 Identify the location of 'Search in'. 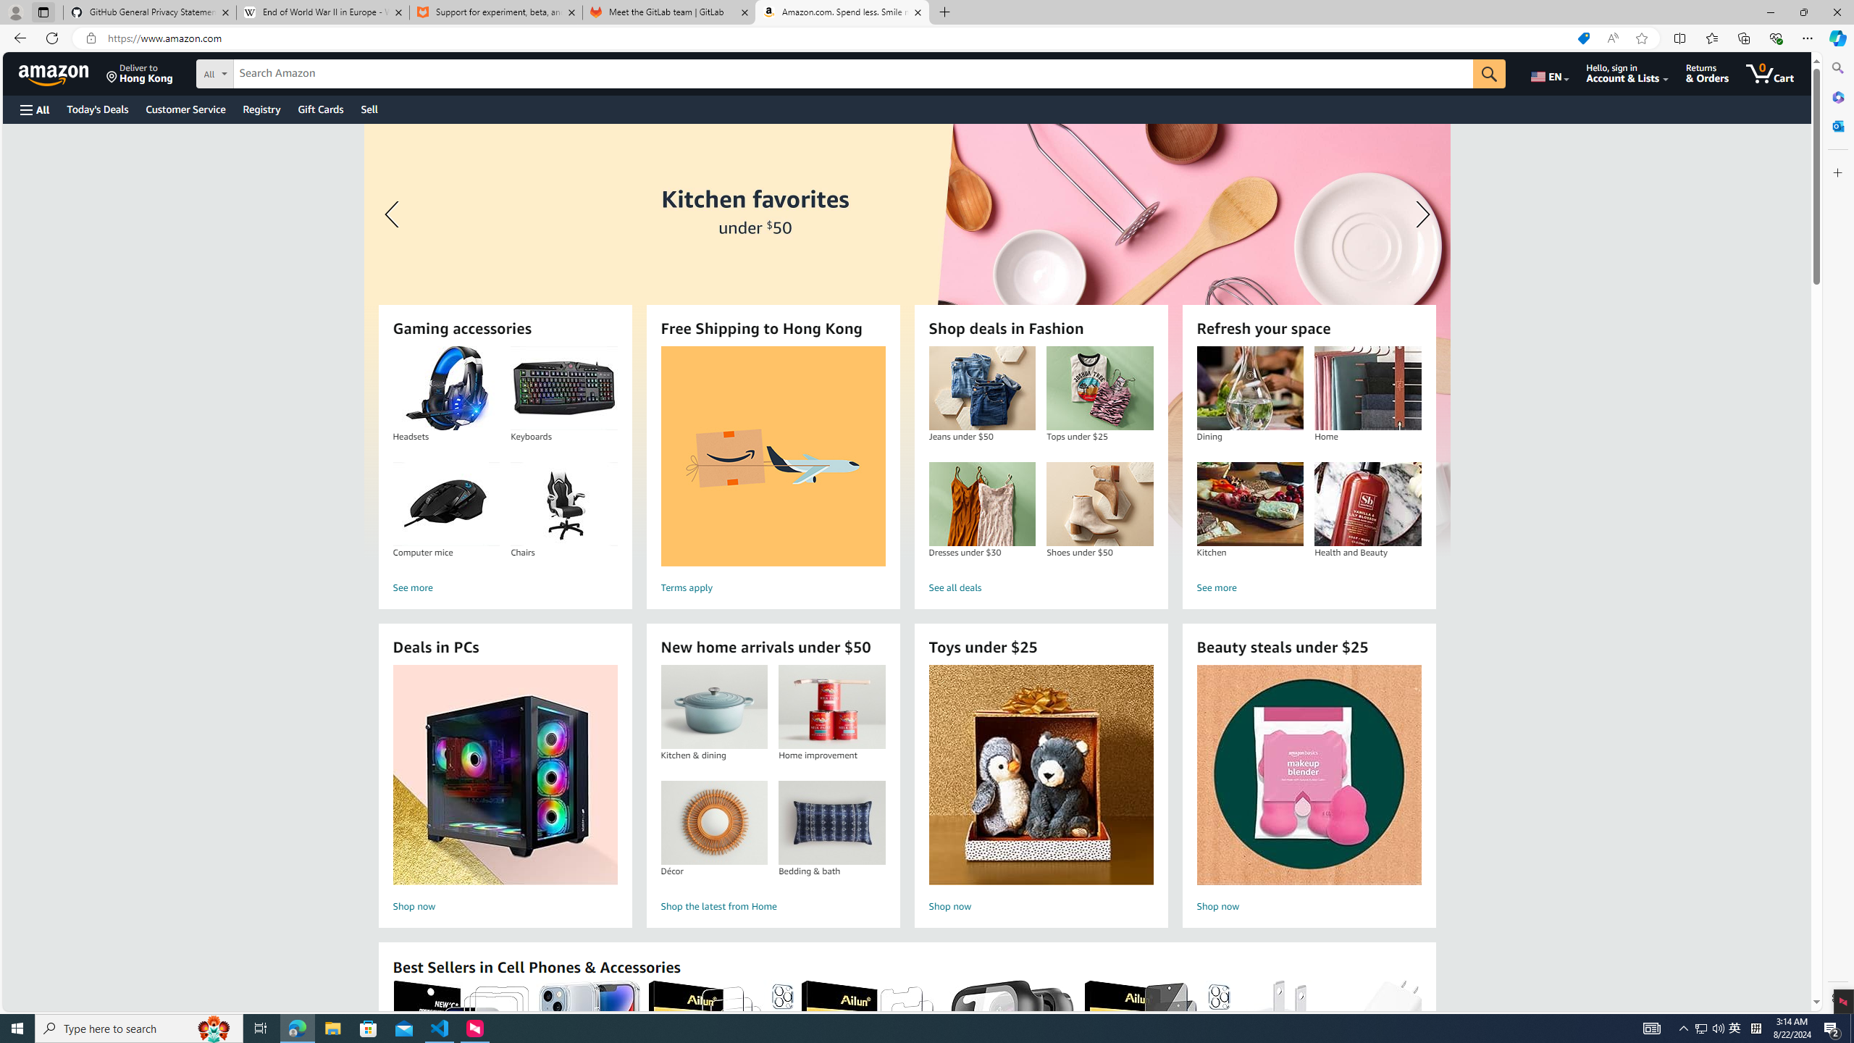
(268, 72).